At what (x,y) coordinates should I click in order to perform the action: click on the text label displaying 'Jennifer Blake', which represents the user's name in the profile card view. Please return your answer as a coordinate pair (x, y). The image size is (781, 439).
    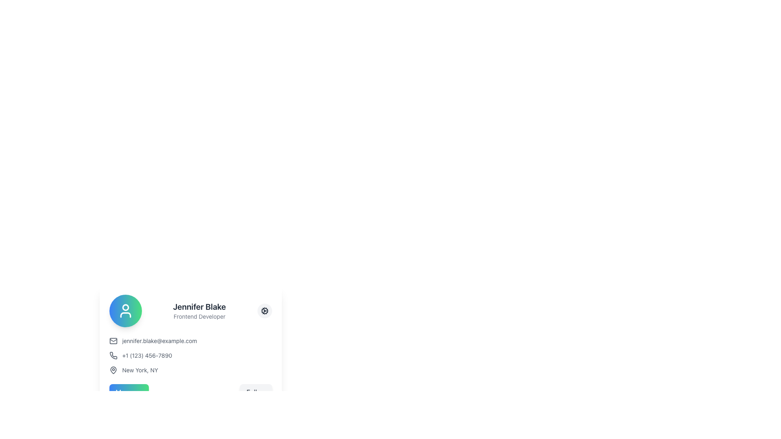
    Looking at the image, I should click on (199, 307).